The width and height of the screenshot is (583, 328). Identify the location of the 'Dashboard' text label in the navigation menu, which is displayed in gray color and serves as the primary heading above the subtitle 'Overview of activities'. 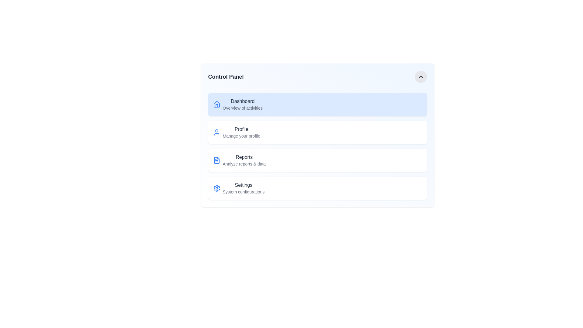
(242, 101).